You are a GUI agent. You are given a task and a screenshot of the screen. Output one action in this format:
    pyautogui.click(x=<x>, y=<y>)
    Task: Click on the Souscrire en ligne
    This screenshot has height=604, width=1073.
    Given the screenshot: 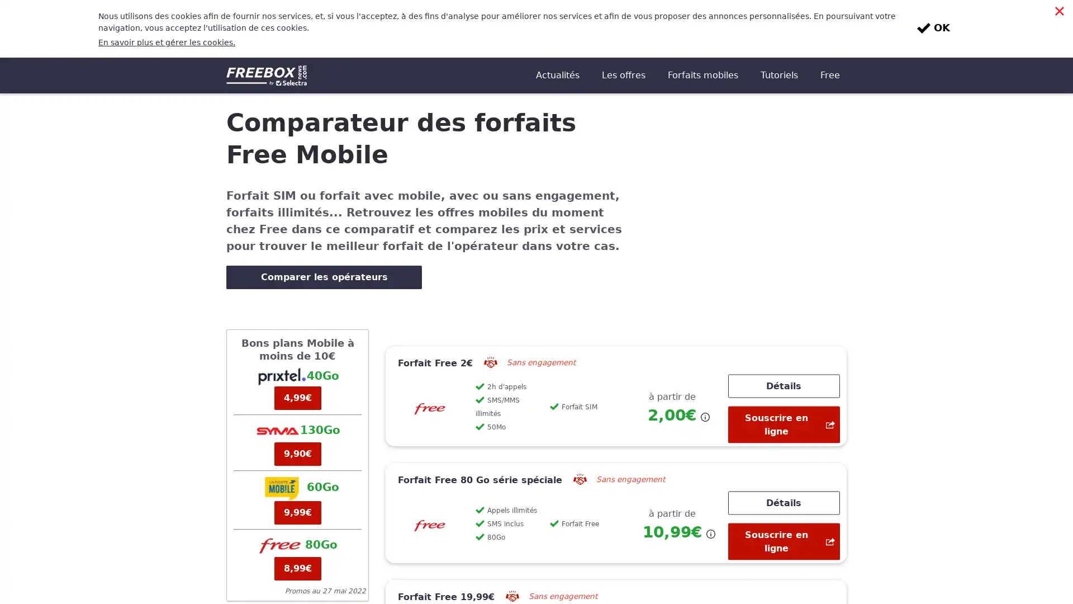 What is the action you would take?
    pyautogui.click(x=783, y=366)
    